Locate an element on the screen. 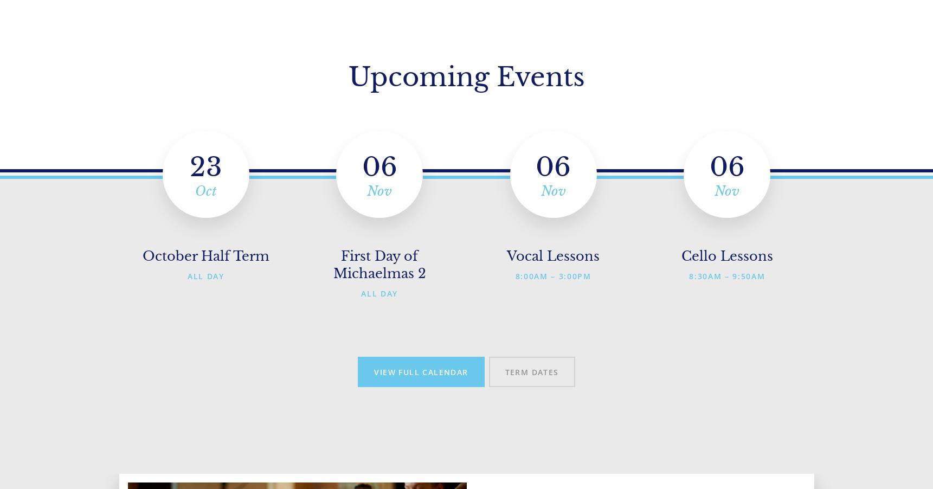 This screenshot has height=489, width=933. 'Vocal Lessons' is located at coordinates (553, 255).